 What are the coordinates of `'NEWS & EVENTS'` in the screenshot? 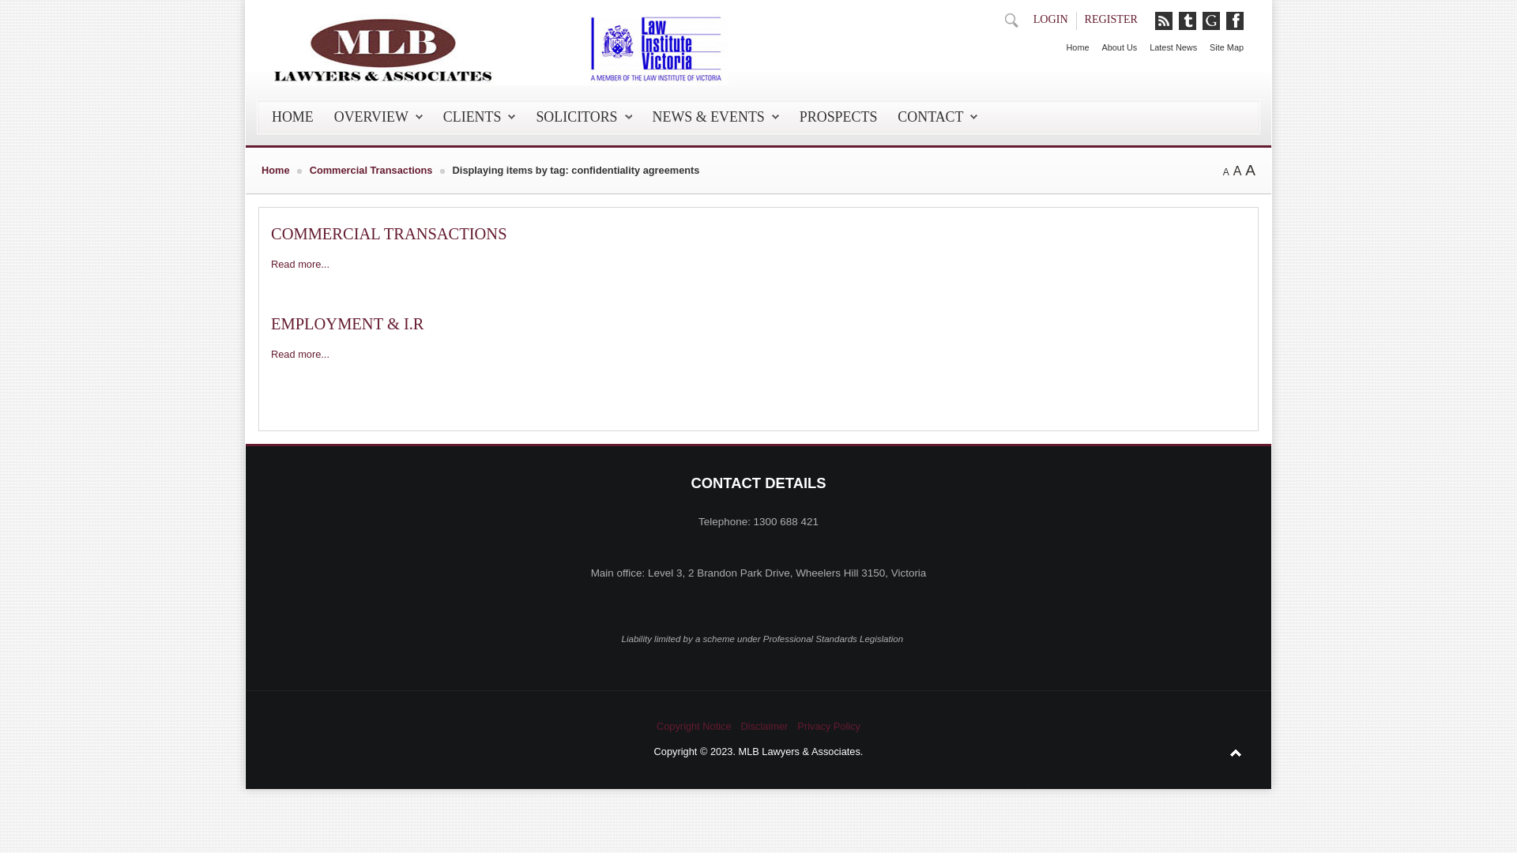 It's located at (715, 115).